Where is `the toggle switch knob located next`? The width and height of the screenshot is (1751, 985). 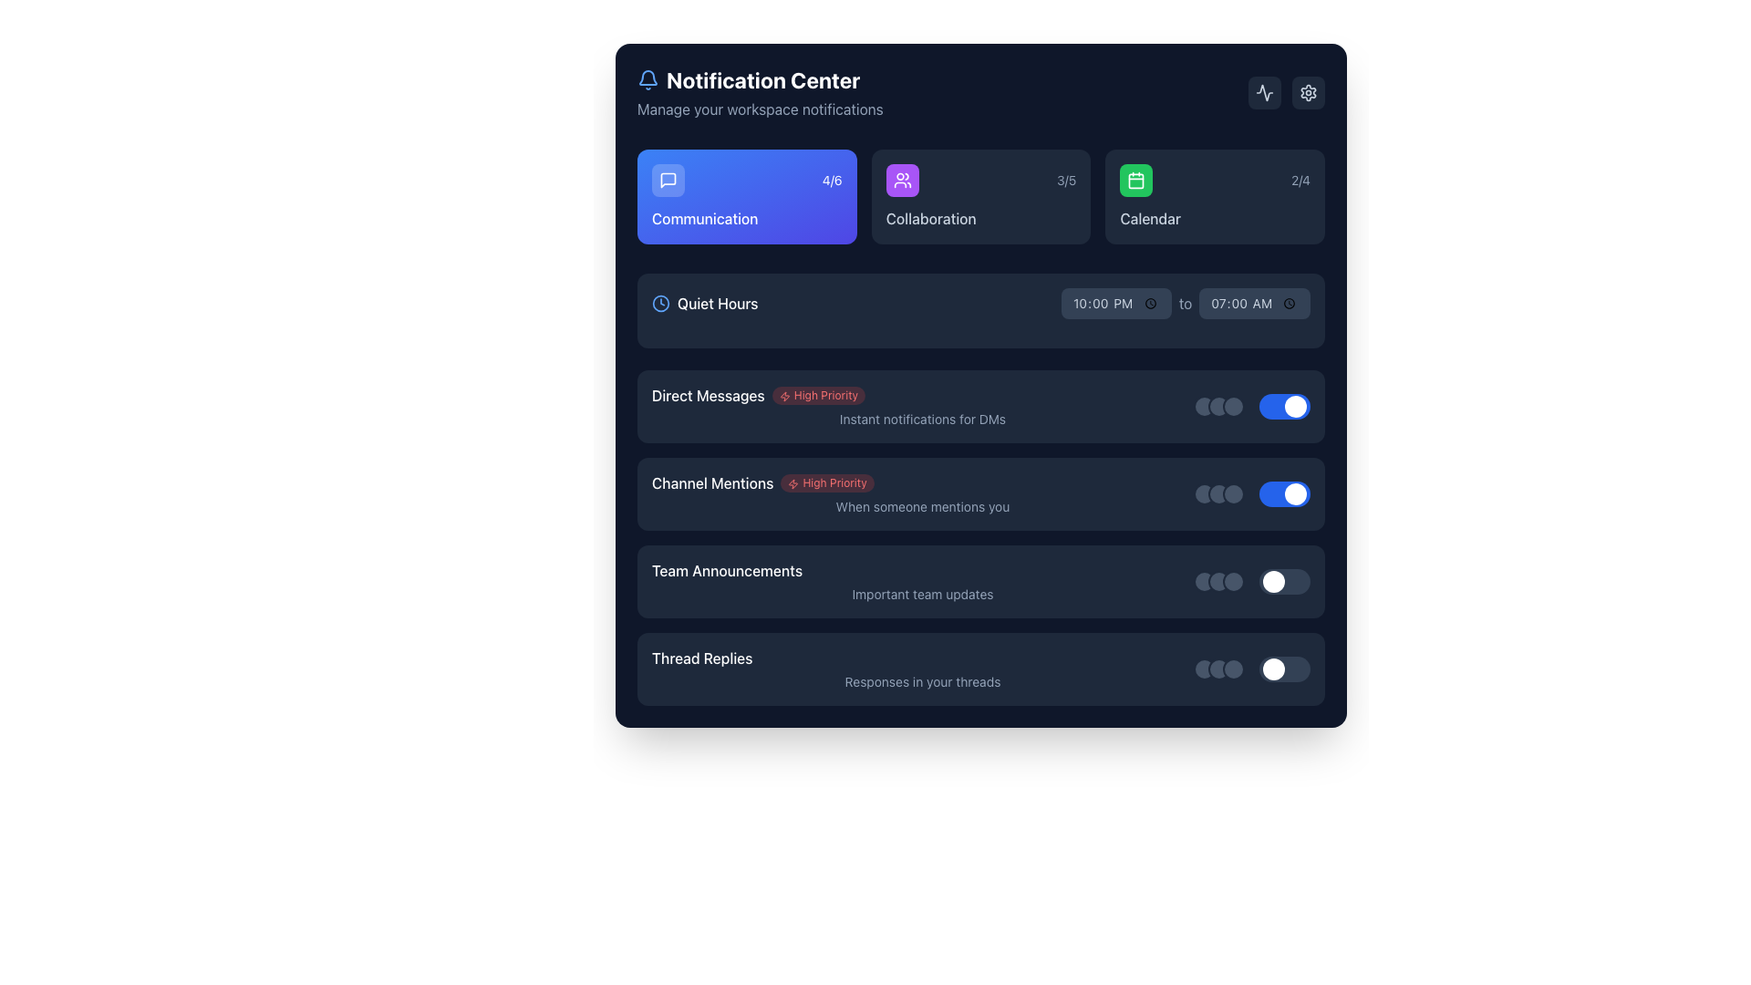 the toggle switch knob located next is located at coordinates (1250, 581).